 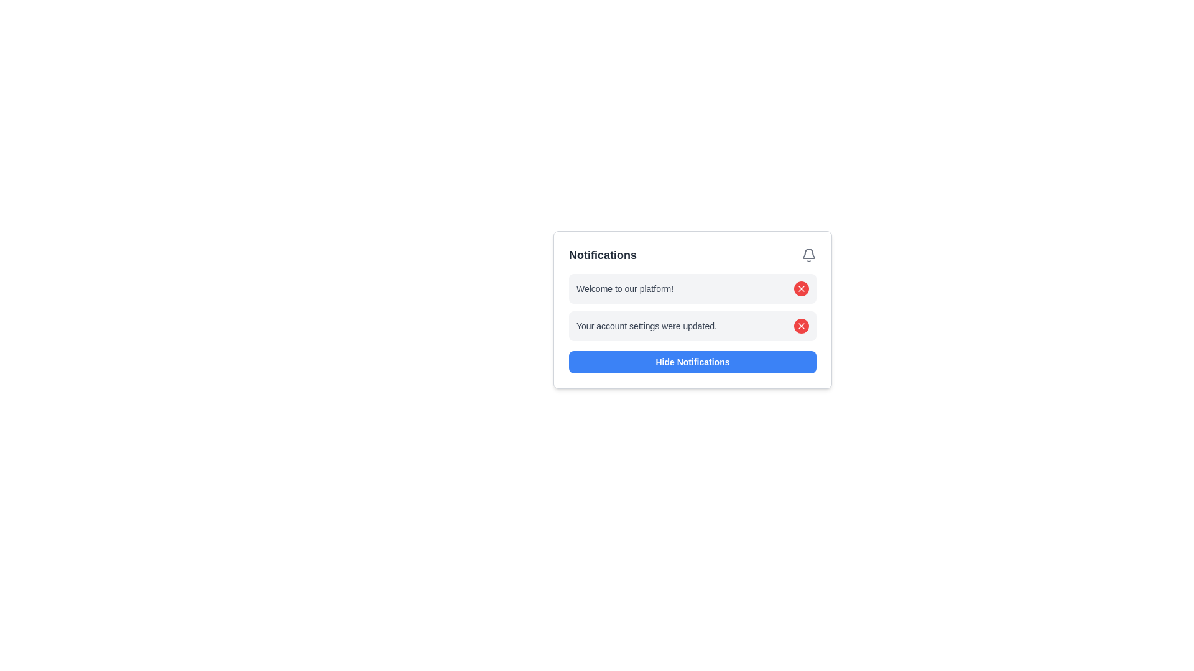 What do you see at coordinates (647, 325) in the screenshot?
I see `message displayed in the text snippet that says 'Your account settings were updated.' This message is located within the second notification item of the notification list, below the 'Welcome to our platform!' message` at bounding box center [647, 325].